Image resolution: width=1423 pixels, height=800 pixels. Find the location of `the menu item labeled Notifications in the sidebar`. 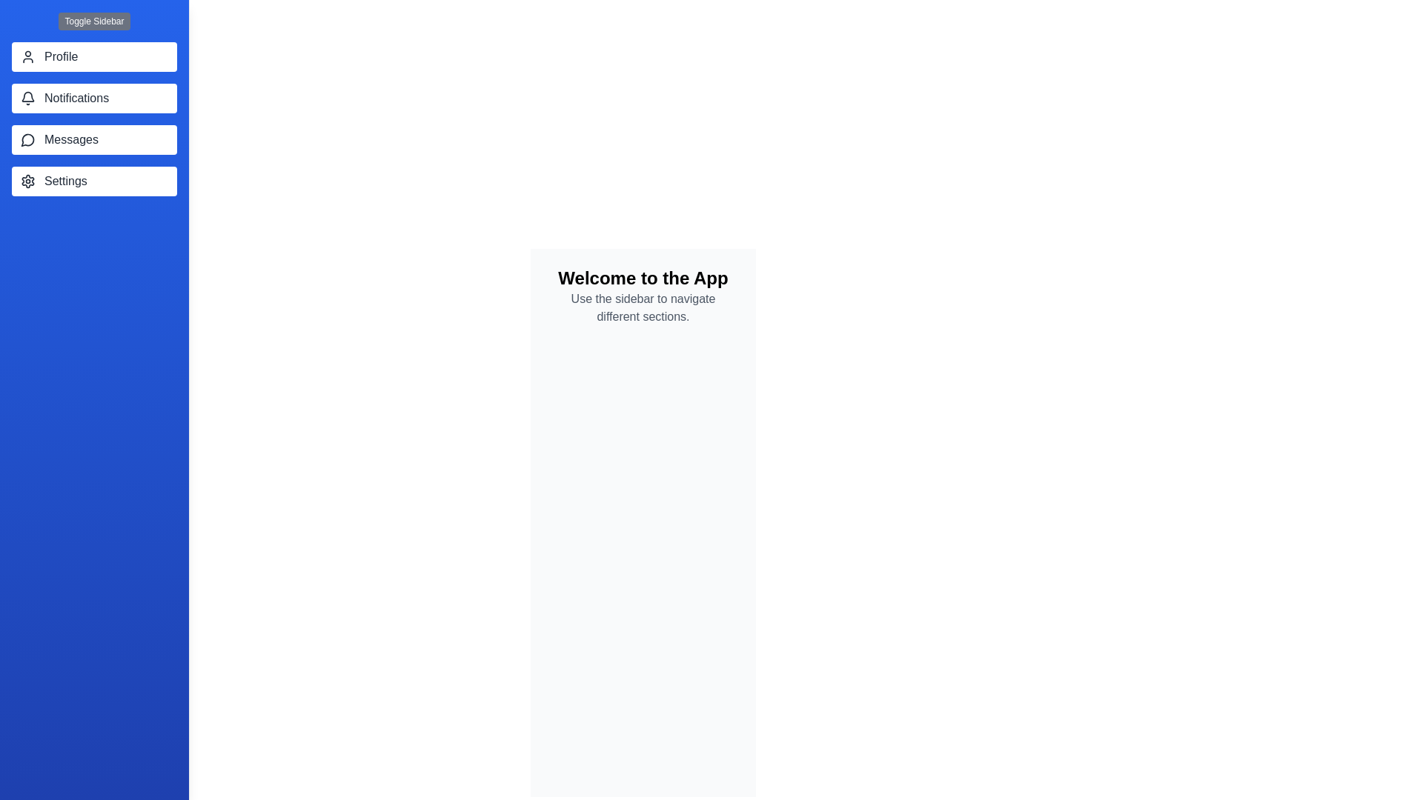

the menu item labeled Notifications in the sidebar is located at coordinates (93, 98).